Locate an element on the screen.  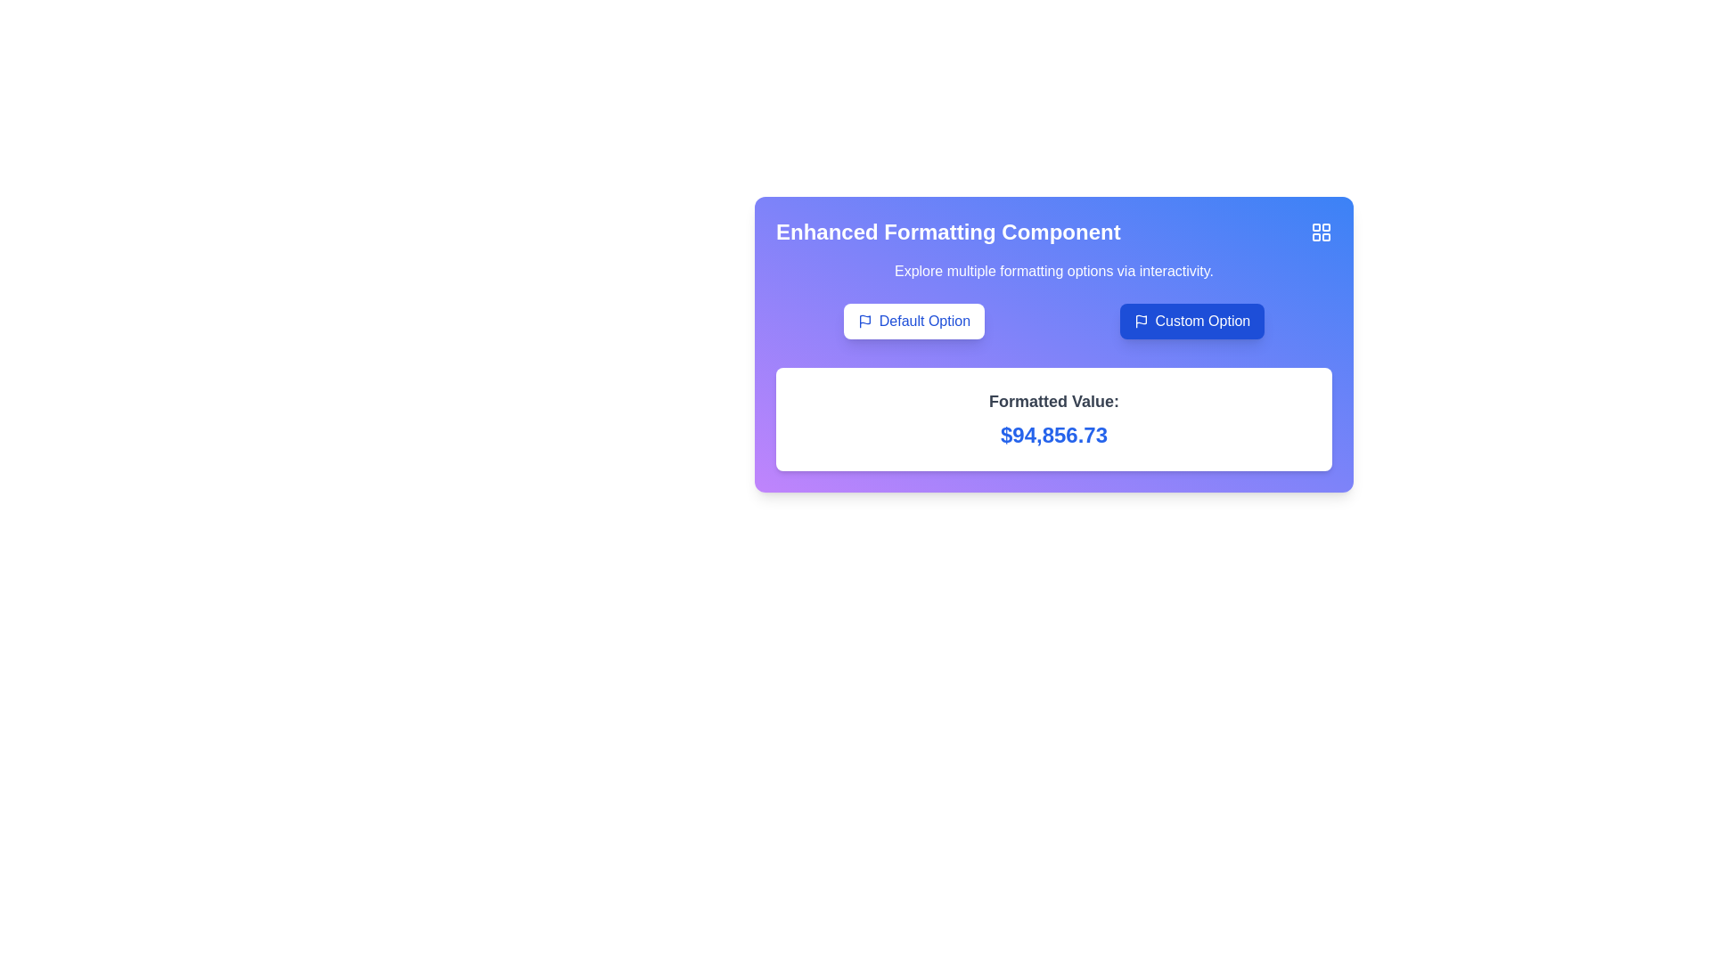
the descriptive text block located below the title 'Enhanced Formatting Component' and above the buttons 'Default Option' and 'Custom Option' is located at coordinates (1053, 271).